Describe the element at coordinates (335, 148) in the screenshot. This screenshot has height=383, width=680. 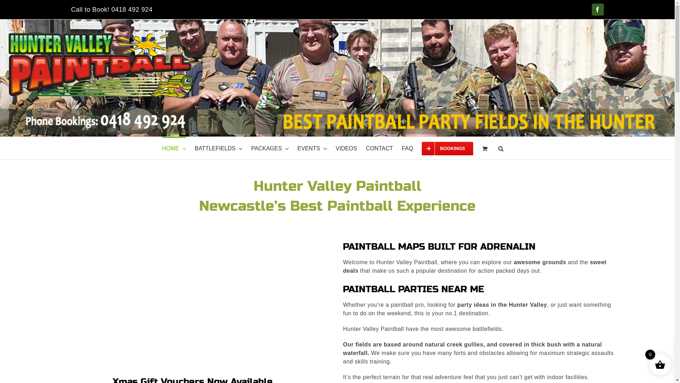
I see `'VIDEOS'` at that location.